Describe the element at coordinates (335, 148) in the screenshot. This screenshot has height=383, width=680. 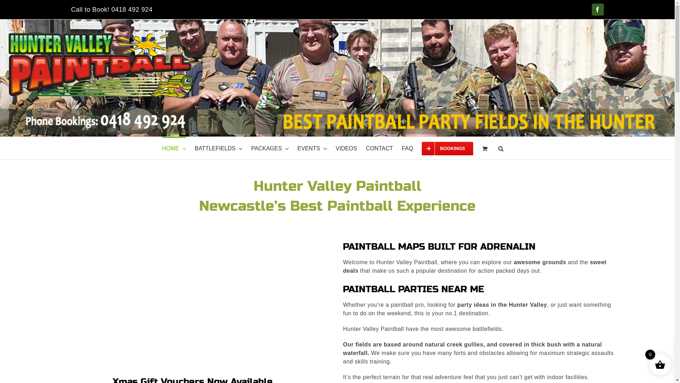
I see `'VIDEOS'` at that location.